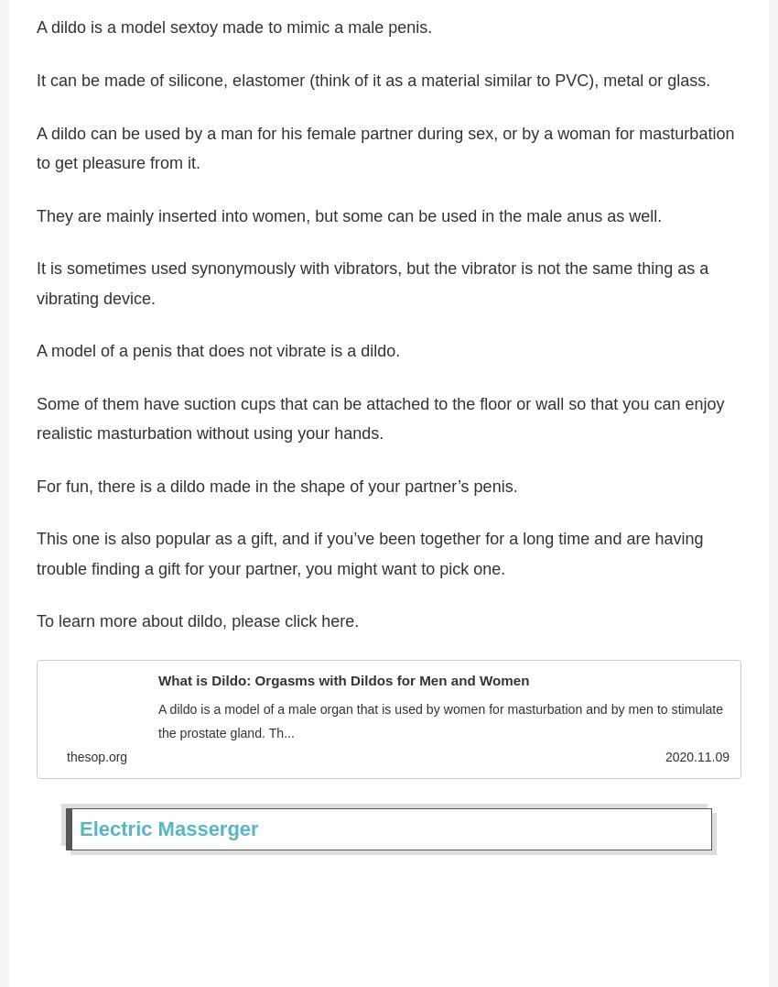 The image size is (778, 987). What do you see at coordinates (67, 763) in the screenshot?
I see `'thesop.org'` at bounding box center [67, 763].